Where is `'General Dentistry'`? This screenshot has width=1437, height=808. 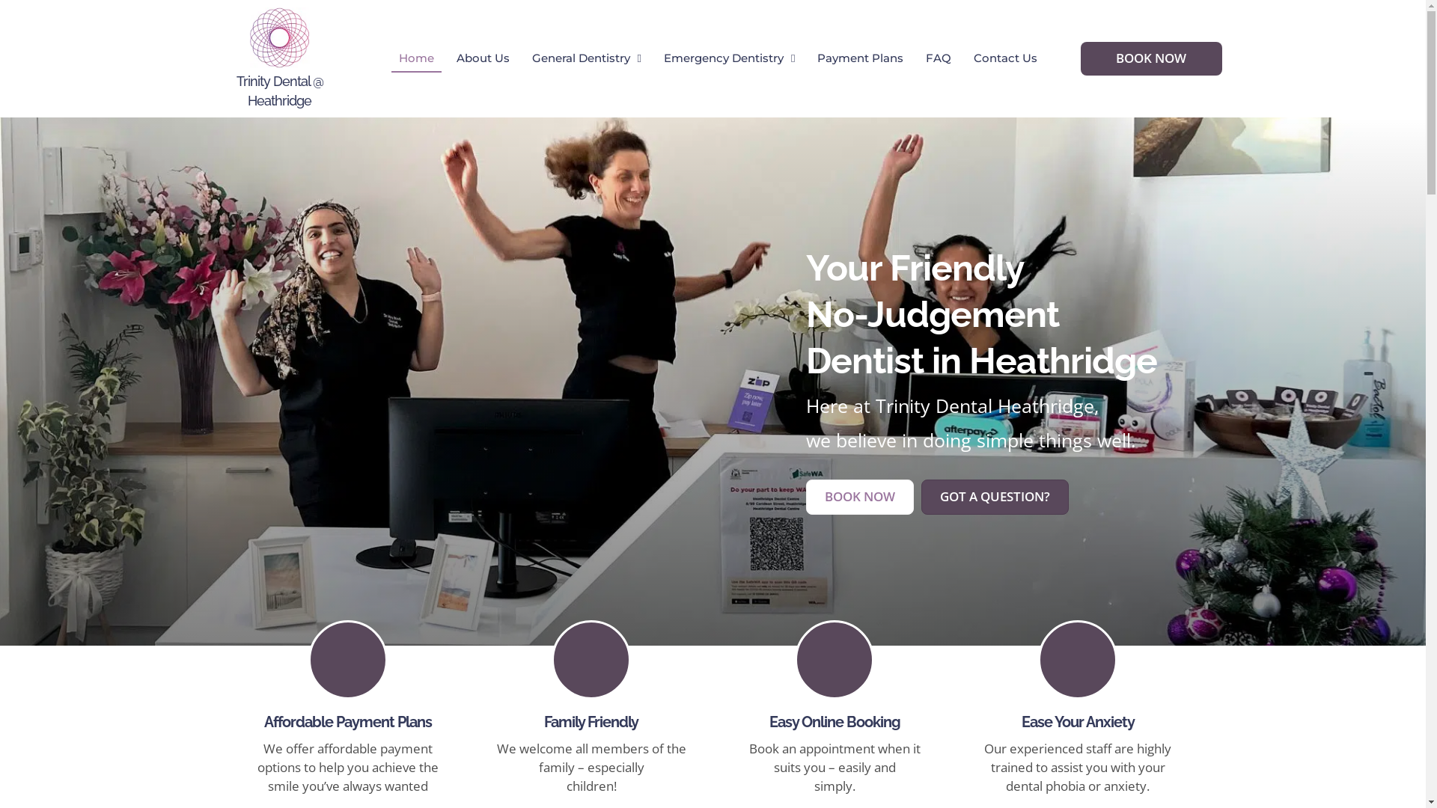 'General Dentistry' is located at coordinates (585, 58).